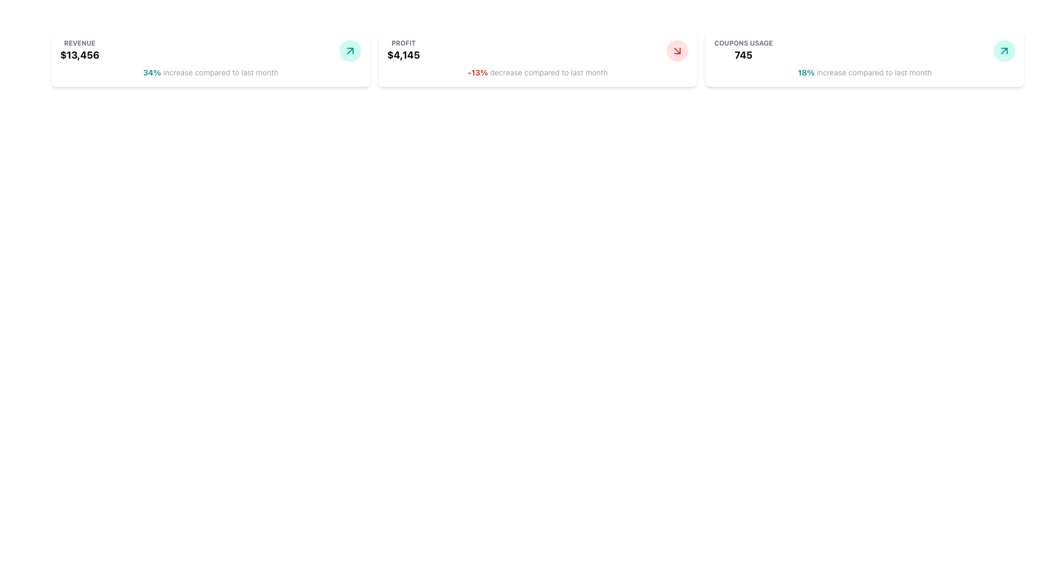  What do you see at coordinates (864, 59) in the screenshot?
I see `the Summary metric card element displaying 'Coupons usage' with '745' in bold and a teal circle with an up-right arrow, located in the rightmost column of the grid layout` at bounding box center [864, 59].